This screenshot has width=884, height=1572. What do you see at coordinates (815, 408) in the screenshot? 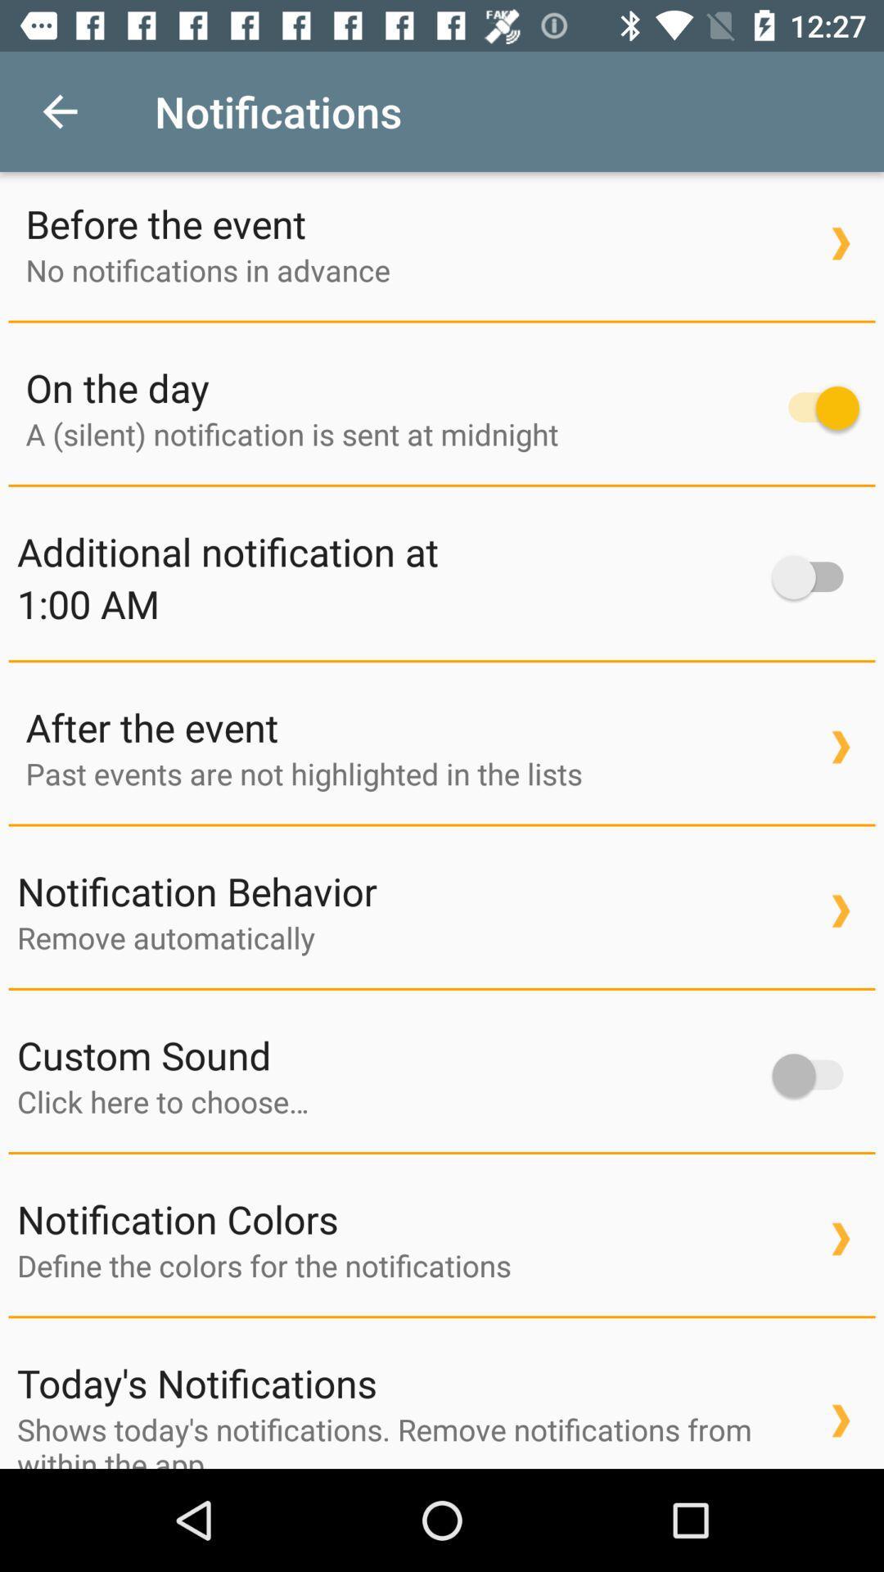
I see `notification on day of event` at bounding box center [815, 408].